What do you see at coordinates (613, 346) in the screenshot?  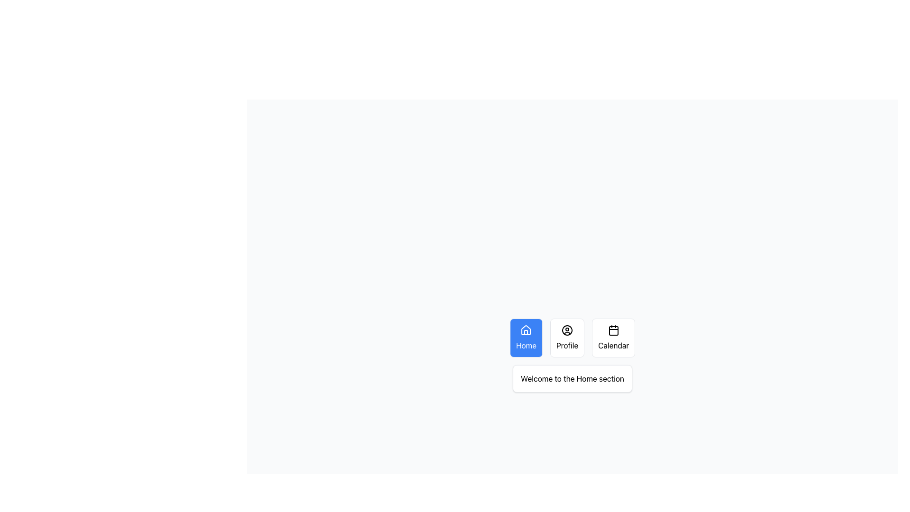 I see `the 'Calendar' static text label, which is positioned below a calendar icon in a rounded rectangular card in the lower-right region of the interface` at bounding box center [613, 346].